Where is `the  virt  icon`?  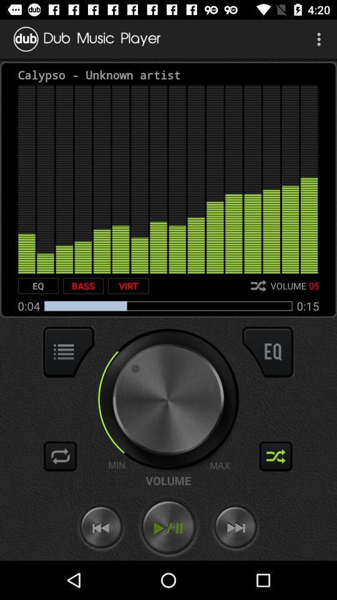
the  virt  icon is located at coordinates (128, 286).